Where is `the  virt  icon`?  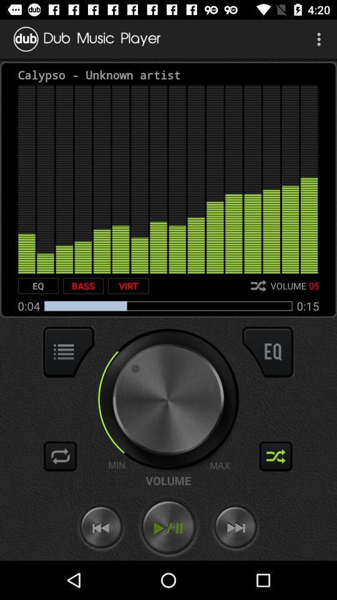
the  virt  icon is located at coordinates (128, 286).